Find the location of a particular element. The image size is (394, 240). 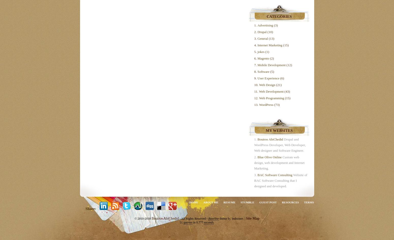

'.' is located at coordinates (214, 222).